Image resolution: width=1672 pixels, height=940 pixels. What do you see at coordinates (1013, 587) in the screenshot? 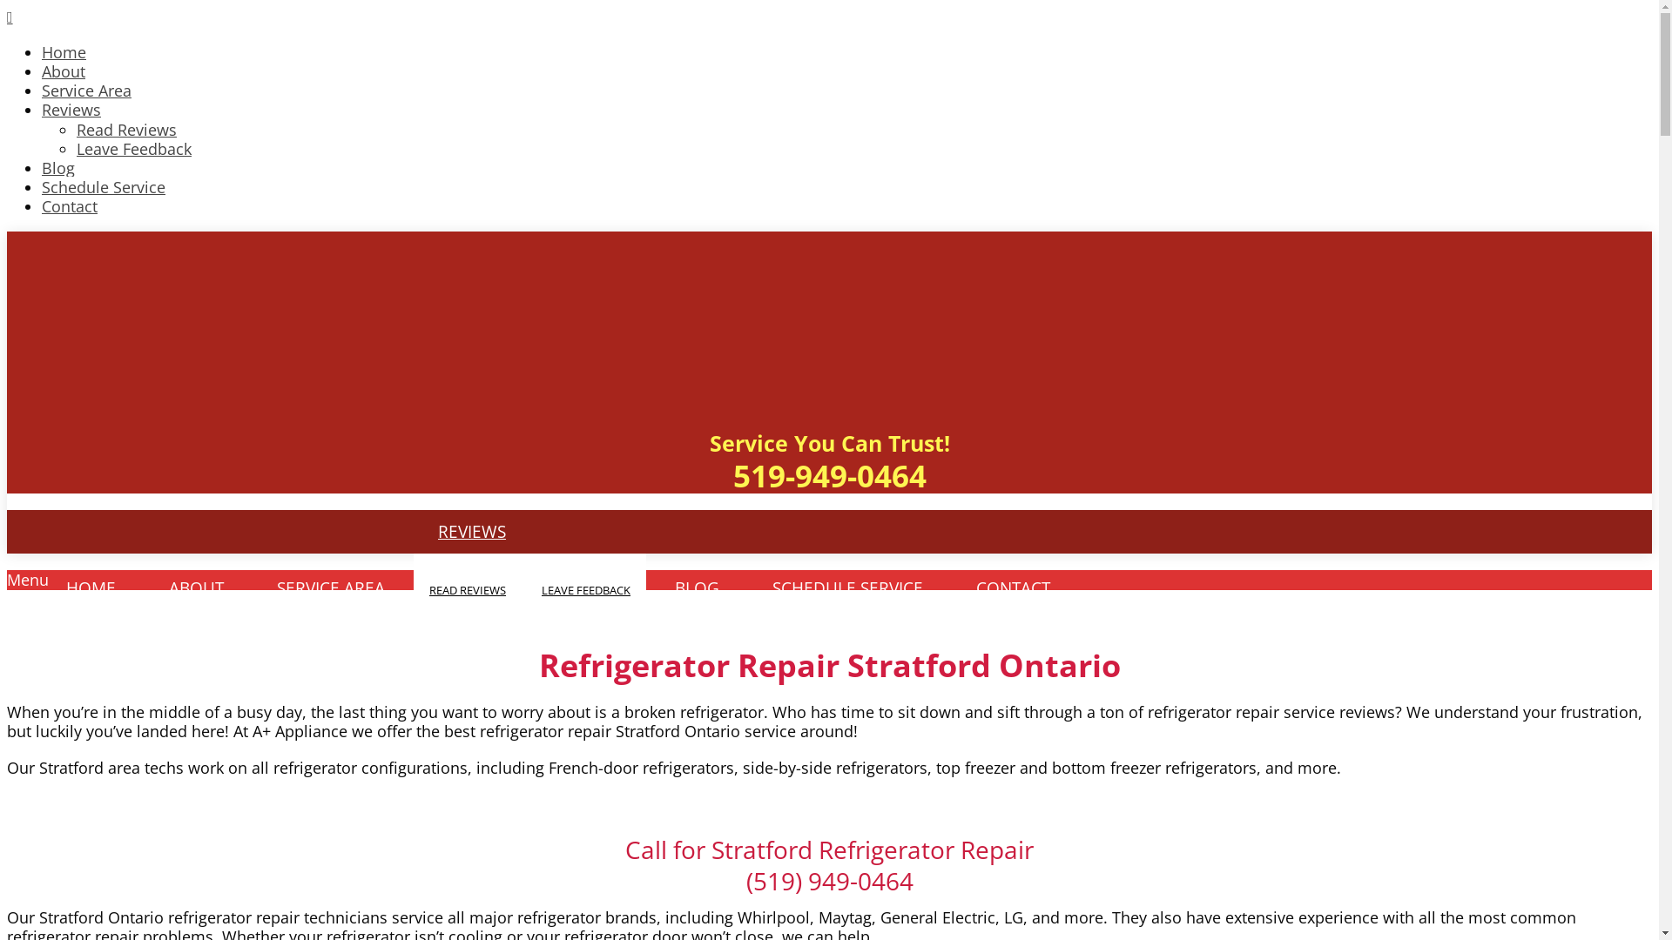
I see `'CONTACT'` at bounding box center [1013, 587].